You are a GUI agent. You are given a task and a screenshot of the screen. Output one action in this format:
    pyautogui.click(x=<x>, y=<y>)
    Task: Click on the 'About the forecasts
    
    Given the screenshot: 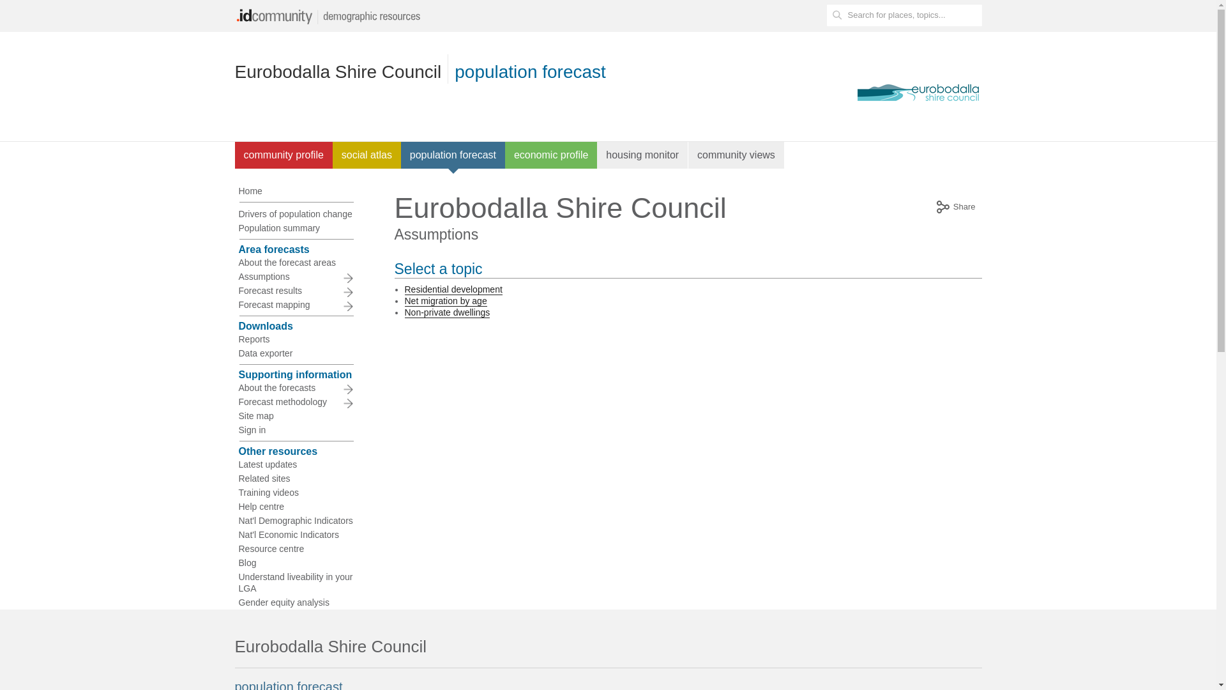 What is the action you would take?
    pyautogui.click(x=294, y=387)
    